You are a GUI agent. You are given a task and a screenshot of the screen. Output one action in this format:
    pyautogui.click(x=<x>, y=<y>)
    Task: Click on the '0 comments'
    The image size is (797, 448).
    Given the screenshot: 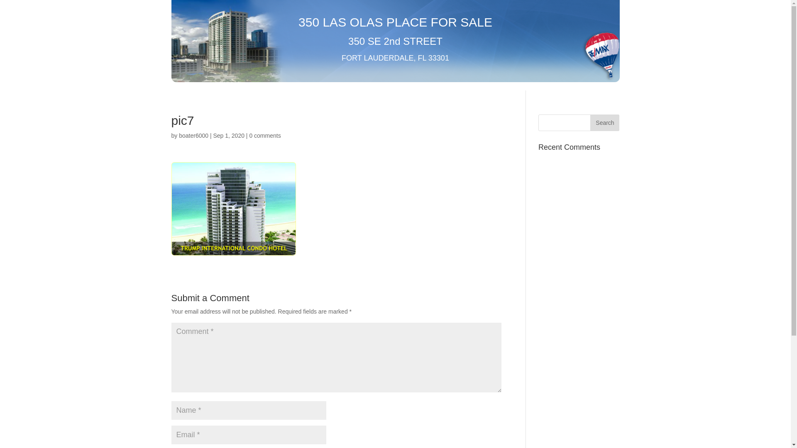 What is the action you would take?
    pyautogui.click(x=264, y=135)
    